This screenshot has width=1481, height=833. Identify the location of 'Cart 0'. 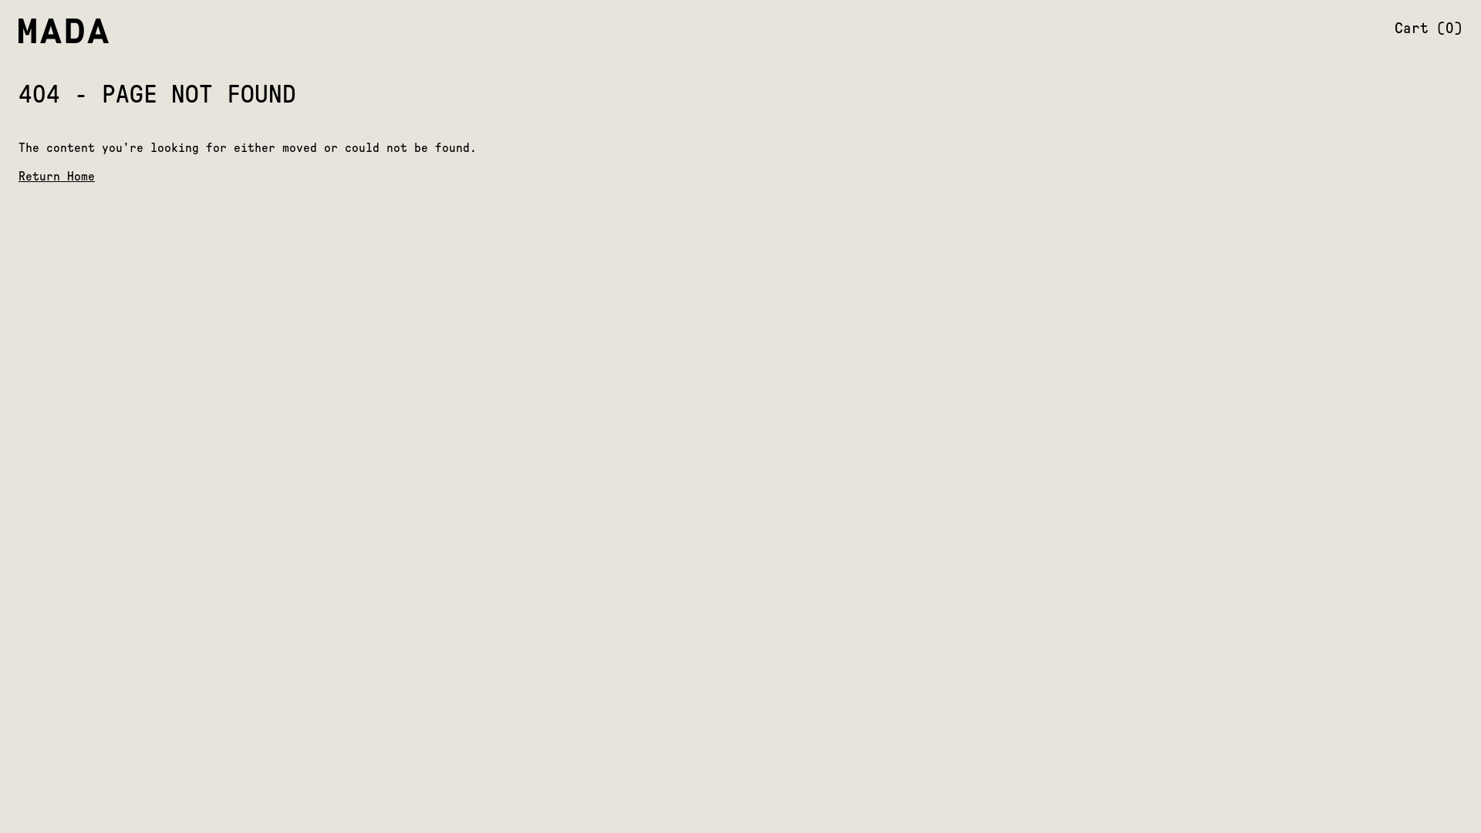
(1395, 28).